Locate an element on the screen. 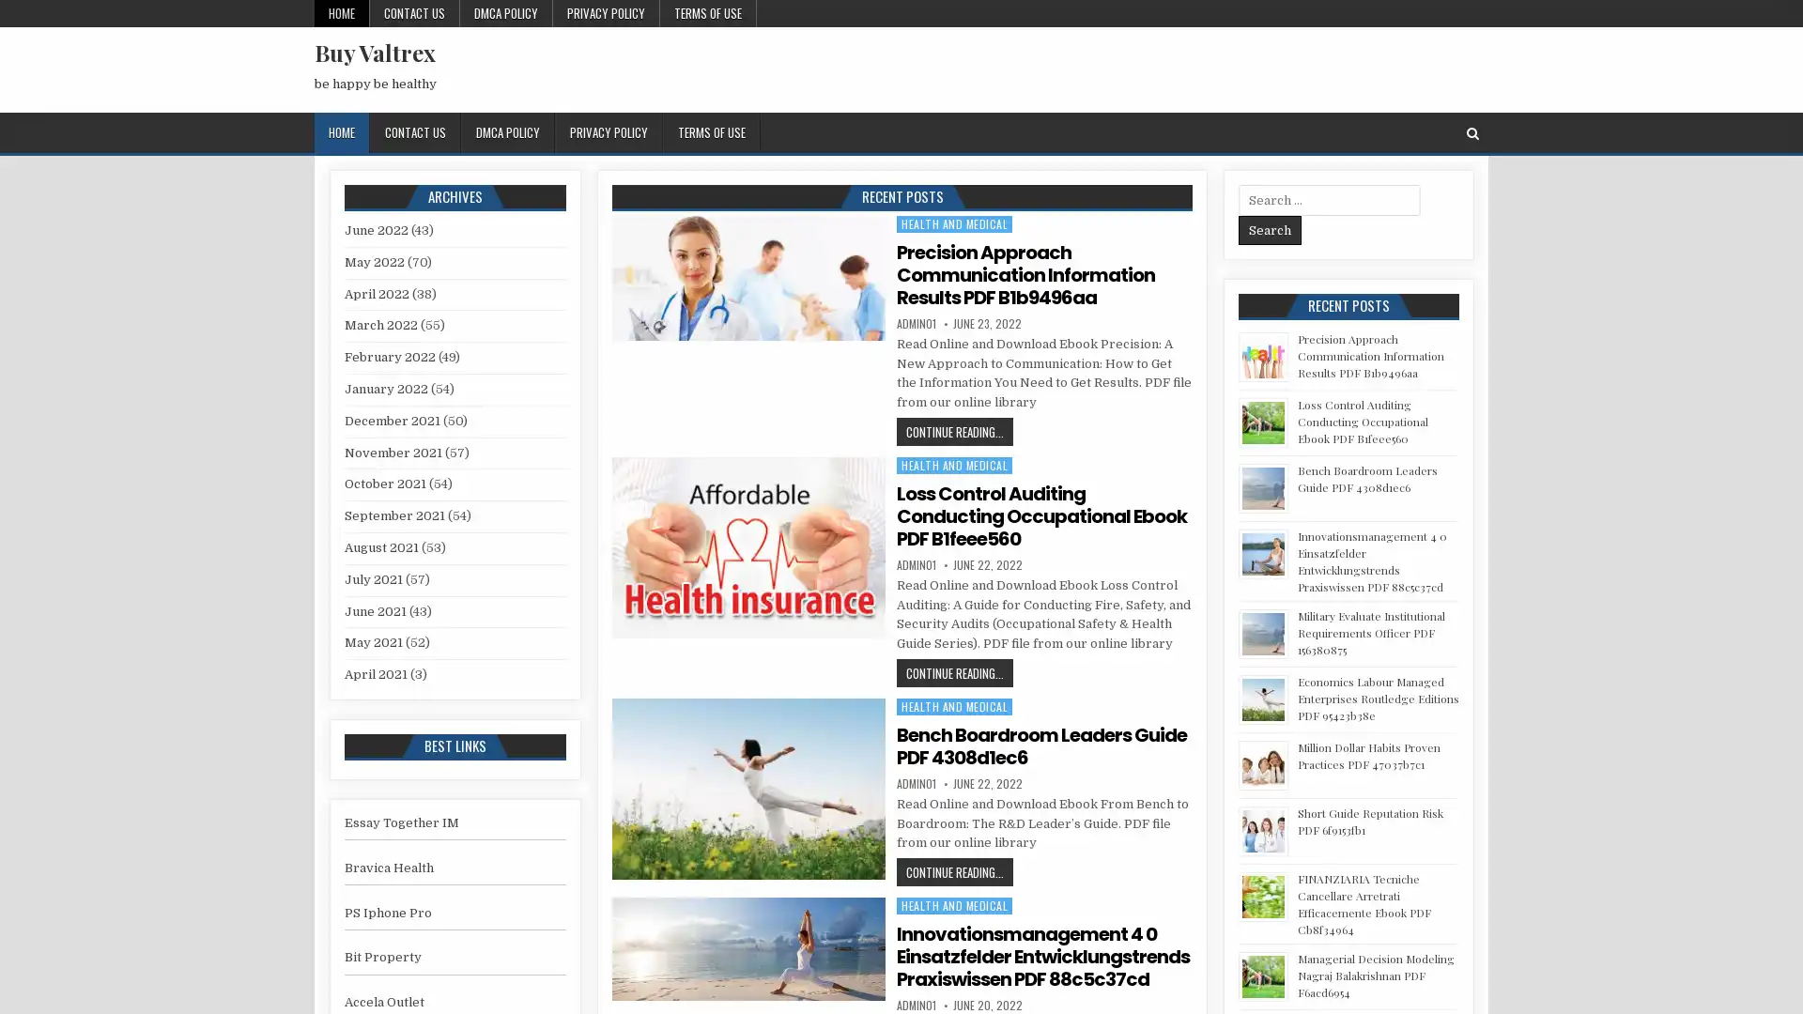 This screenshot has height=1014, width=1803. Search is located at coordinates (1269, 229).